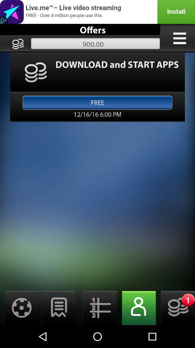  I want to click on the settings icon, so click(19, 330).